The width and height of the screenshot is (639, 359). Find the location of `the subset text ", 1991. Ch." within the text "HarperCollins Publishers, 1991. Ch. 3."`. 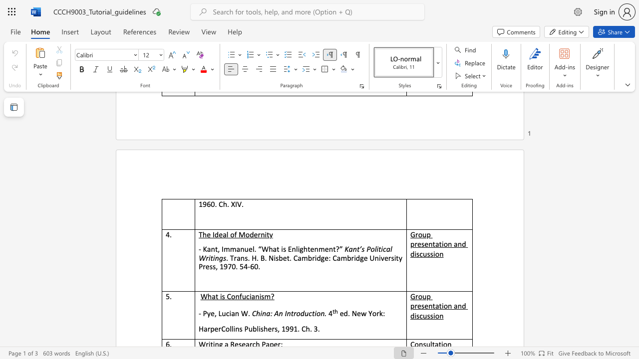

the subset text ", 1991. Ch." within the text "HarperCollins Publishers, 1991. Ch. 3." is located at coordinates (278, 329).